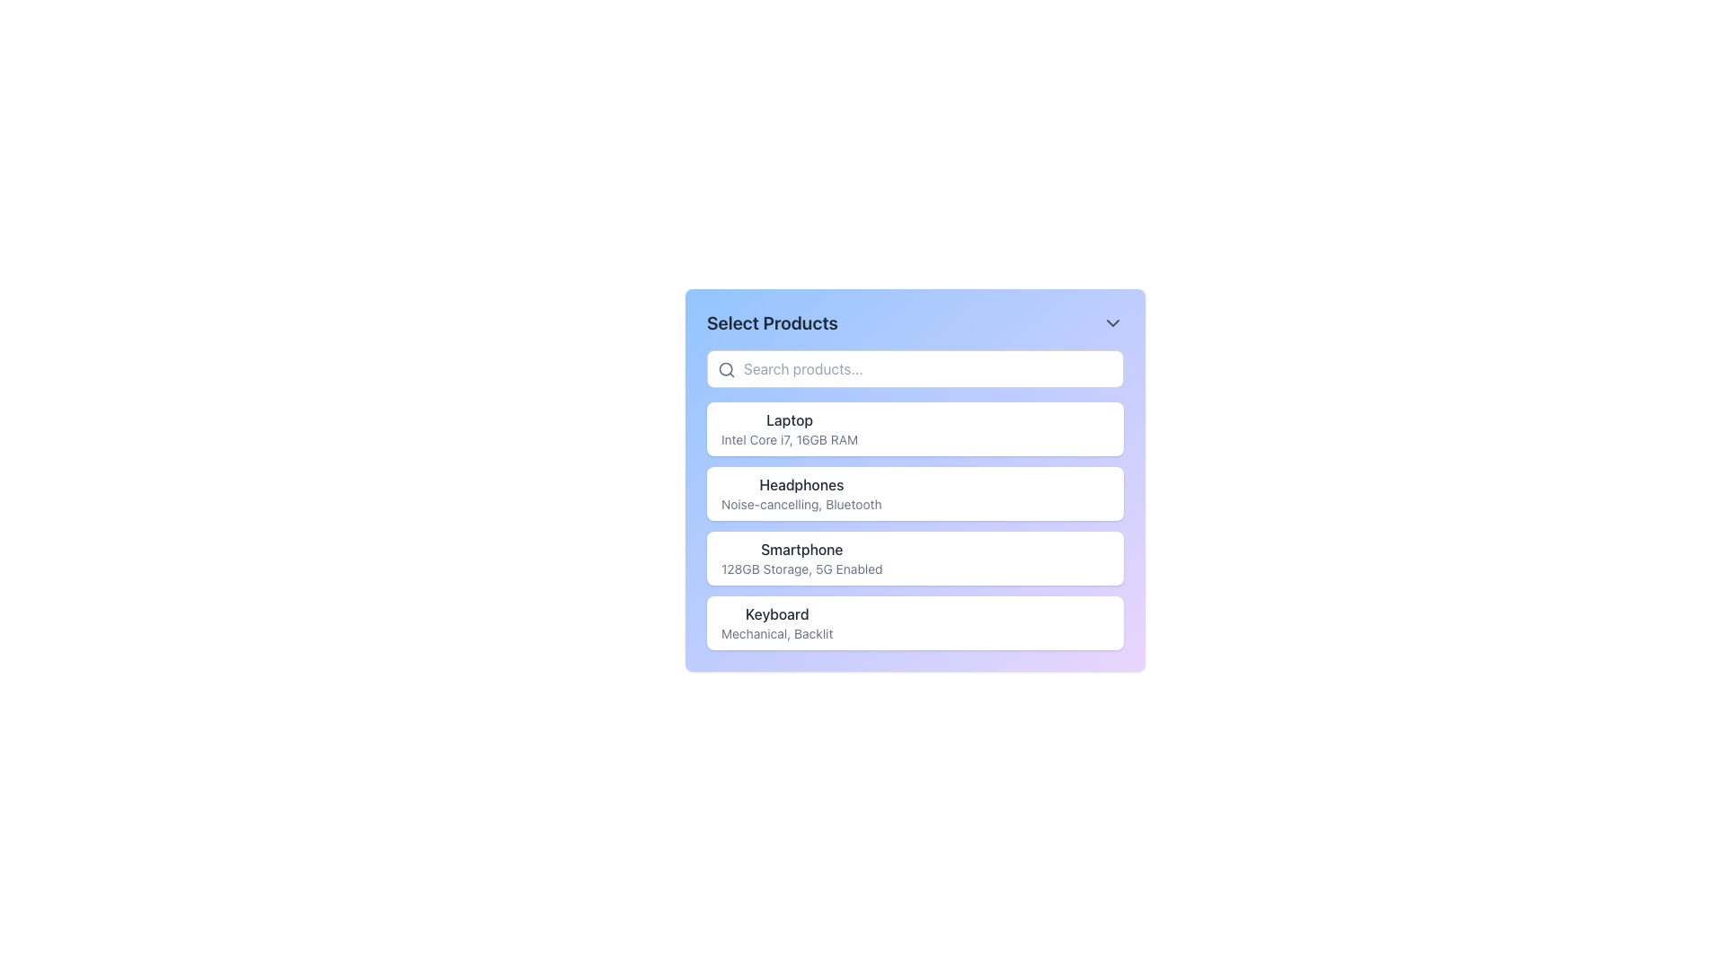 This screenshot has height=970, width=1725. Describe the element at coordinates (801, 549) in the screenshot. I see `main title for the 'Smartphone' product option located in the third option box of the 'Select Products' menu, positioned above '128GB Storage, 5G Enabled' and below 'Headphones'` at that location.